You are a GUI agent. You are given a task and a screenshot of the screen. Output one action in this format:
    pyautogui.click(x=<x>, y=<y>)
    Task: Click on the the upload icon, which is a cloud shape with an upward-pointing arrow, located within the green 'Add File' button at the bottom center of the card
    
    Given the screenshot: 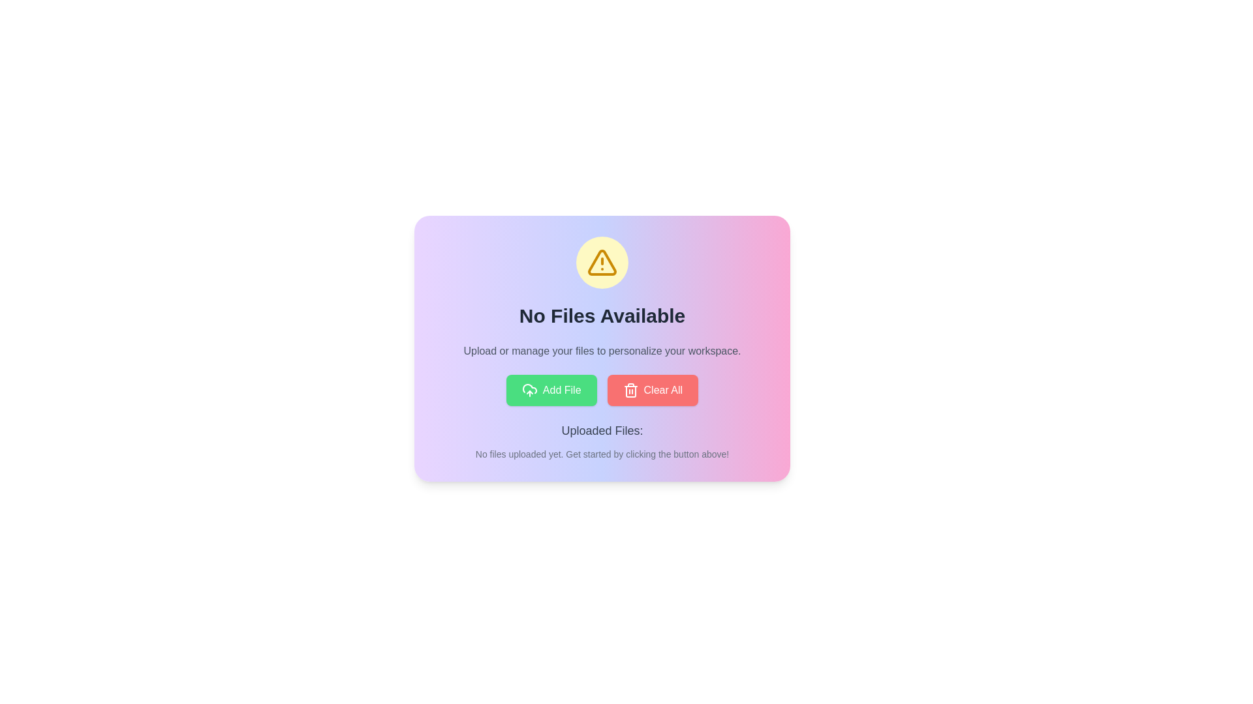 What is the action you would take?
    pyautogui.click(x=529, y=389)
    